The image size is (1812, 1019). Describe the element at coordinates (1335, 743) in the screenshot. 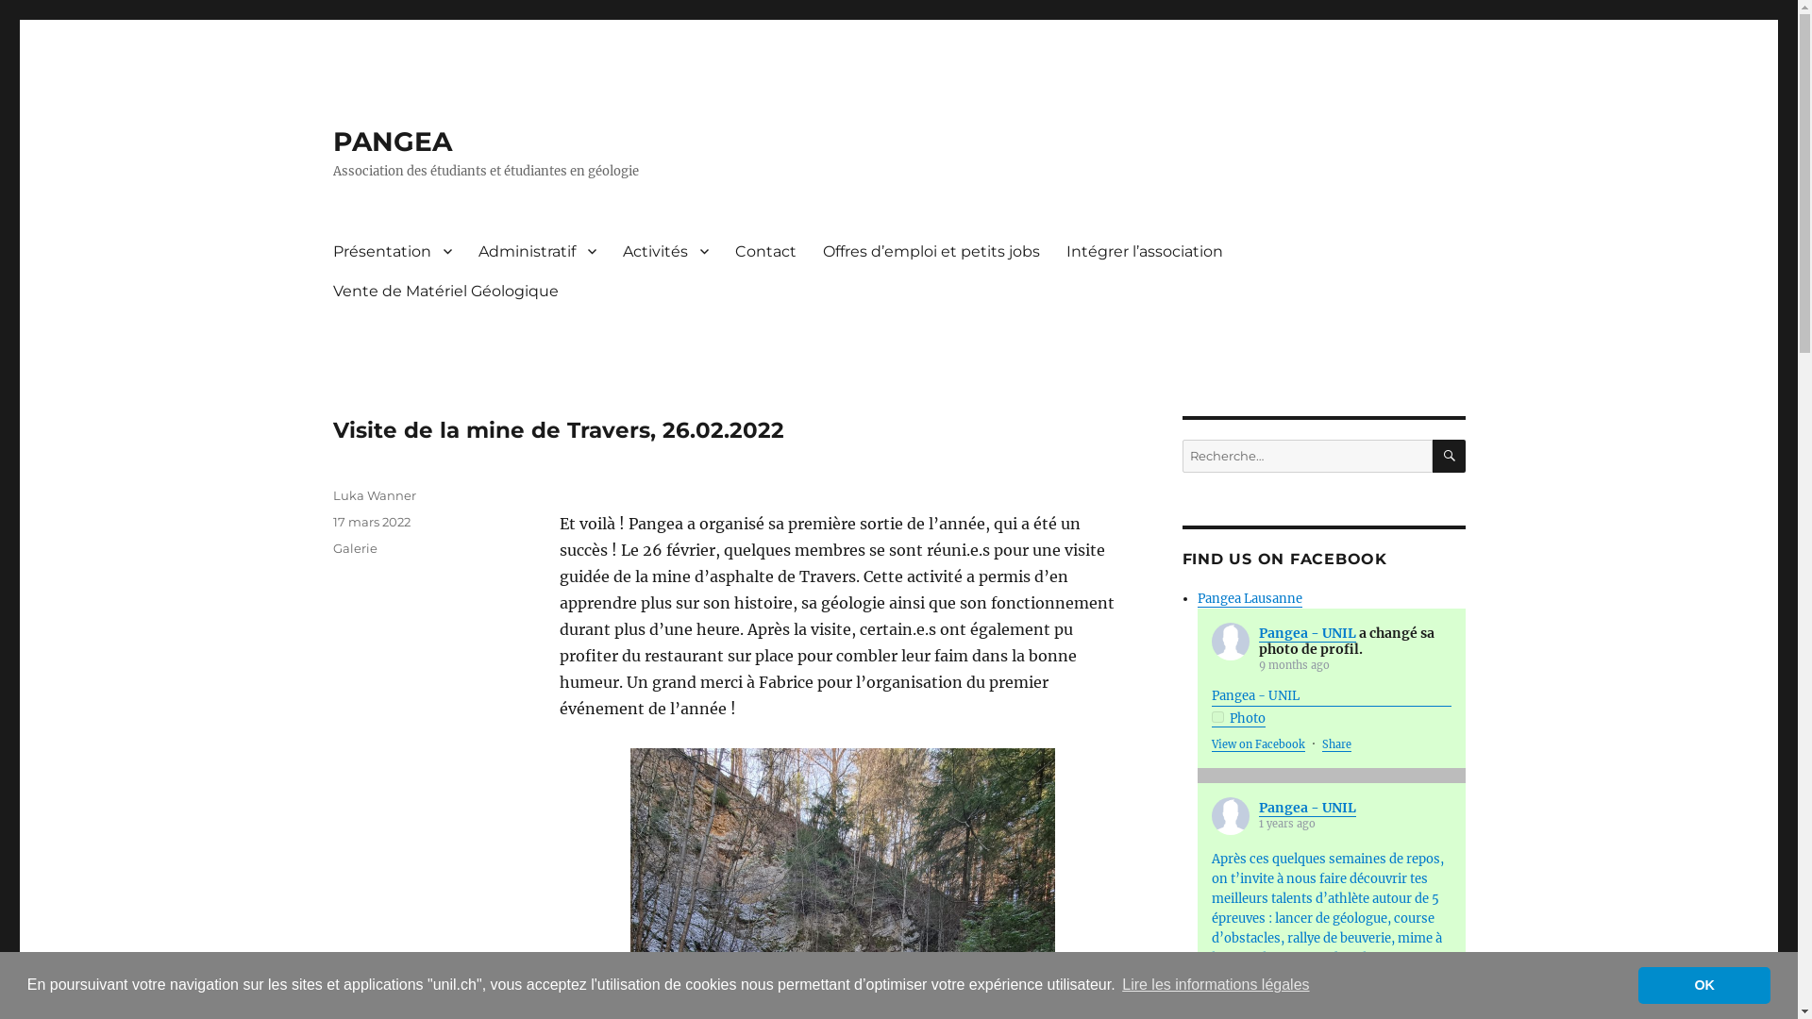

I see `'Share'` at that location.